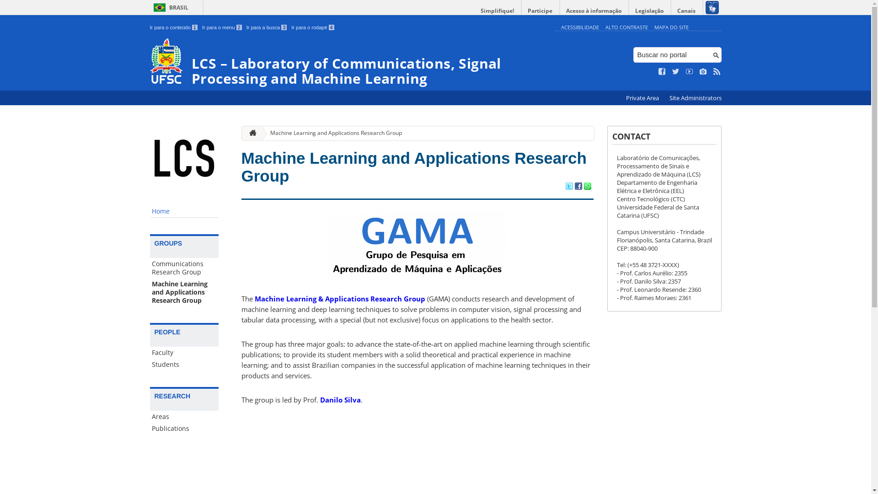 Image resolution: width=878 pixels, height=494 pixels. What do you see at coordinates (184, 352) in the screenshot?
I see `'Faculty'` at bounding box center [184, 352].